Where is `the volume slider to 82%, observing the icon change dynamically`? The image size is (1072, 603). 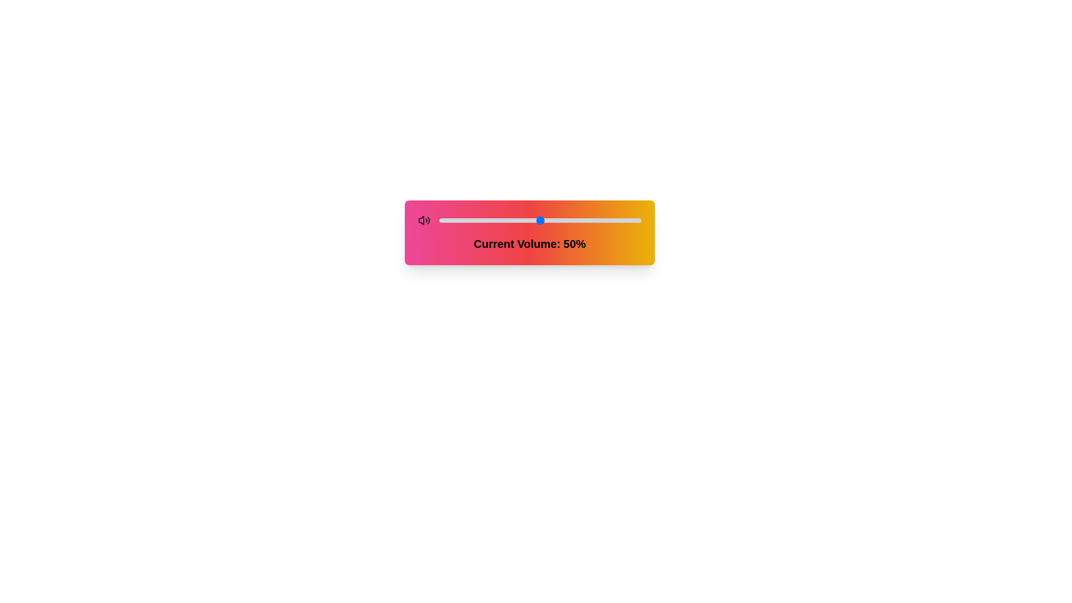
the volume slider to 82%, observing the icon change dynamically is located at coordinates (604, 220).